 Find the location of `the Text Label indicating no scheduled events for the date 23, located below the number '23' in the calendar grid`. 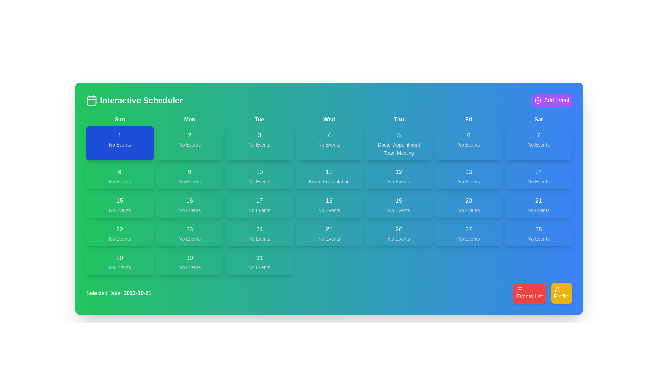

the Text Label indicating no scheduled events for the date 23, located below the number '23' in the calendar grid is located at coordinates (189, 239).